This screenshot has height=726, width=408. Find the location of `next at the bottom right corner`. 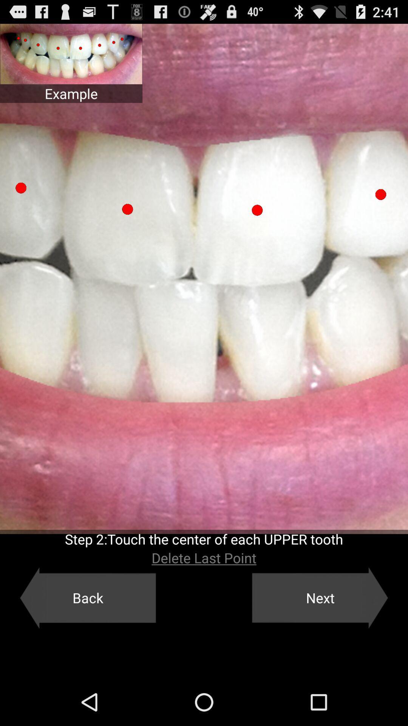

next at the bottom right corner is located at coordinates (320, 597).